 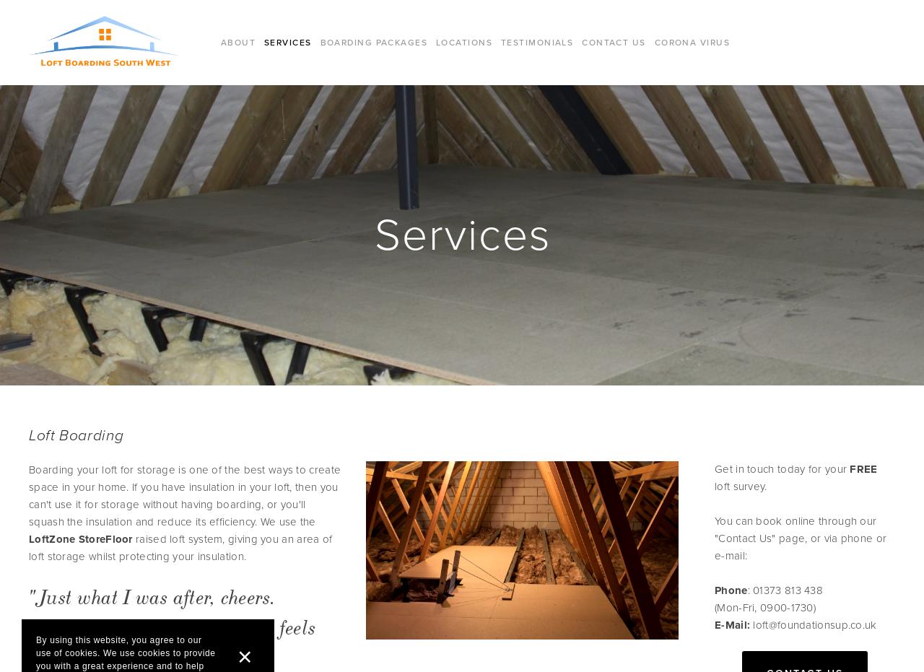 I want to click on 'loft survey.', so click(x=741, y=485).